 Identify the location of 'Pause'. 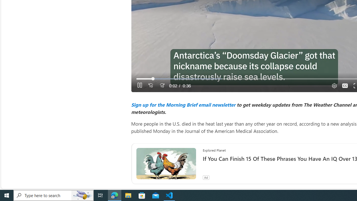
(139, 85).